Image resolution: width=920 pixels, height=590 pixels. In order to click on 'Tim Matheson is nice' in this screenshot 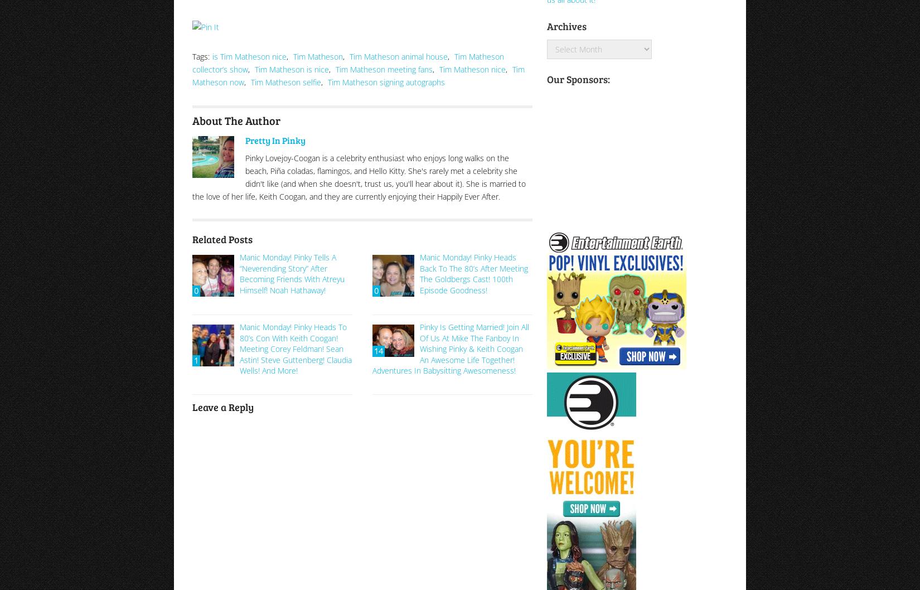, I will do `click(291, 68)`.